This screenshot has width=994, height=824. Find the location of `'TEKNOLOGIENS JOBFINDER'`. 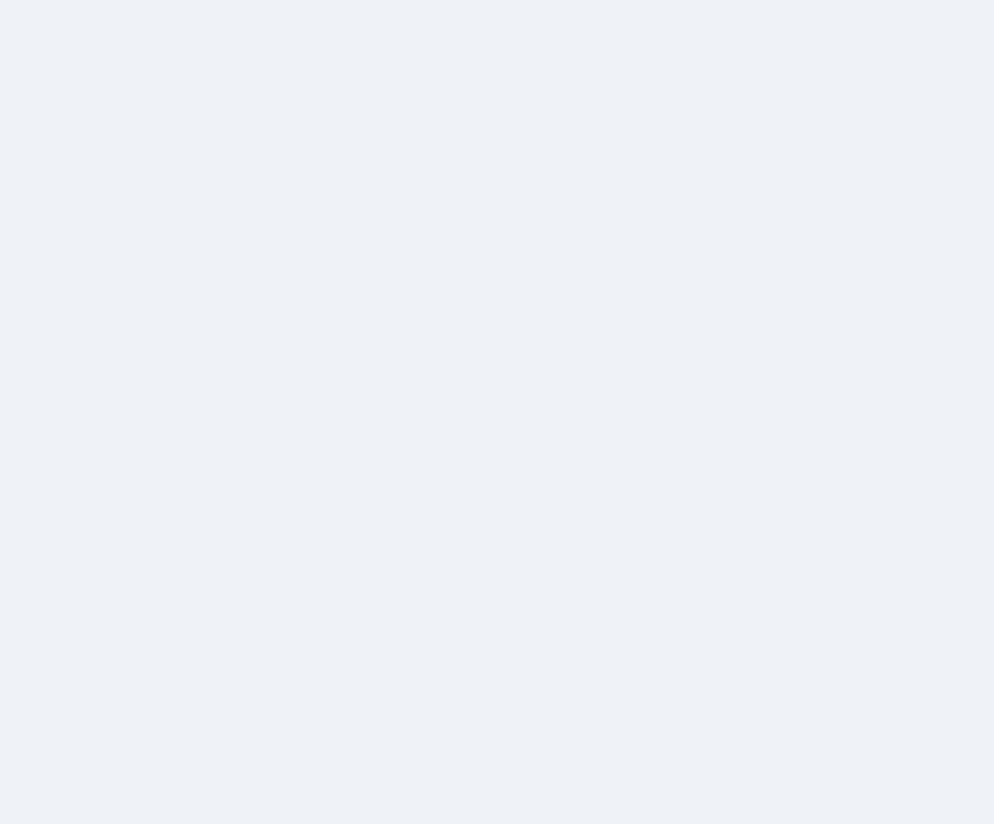

'TEKNOLOGIENS JOBFINDER' is located at coordinates (690, 525).